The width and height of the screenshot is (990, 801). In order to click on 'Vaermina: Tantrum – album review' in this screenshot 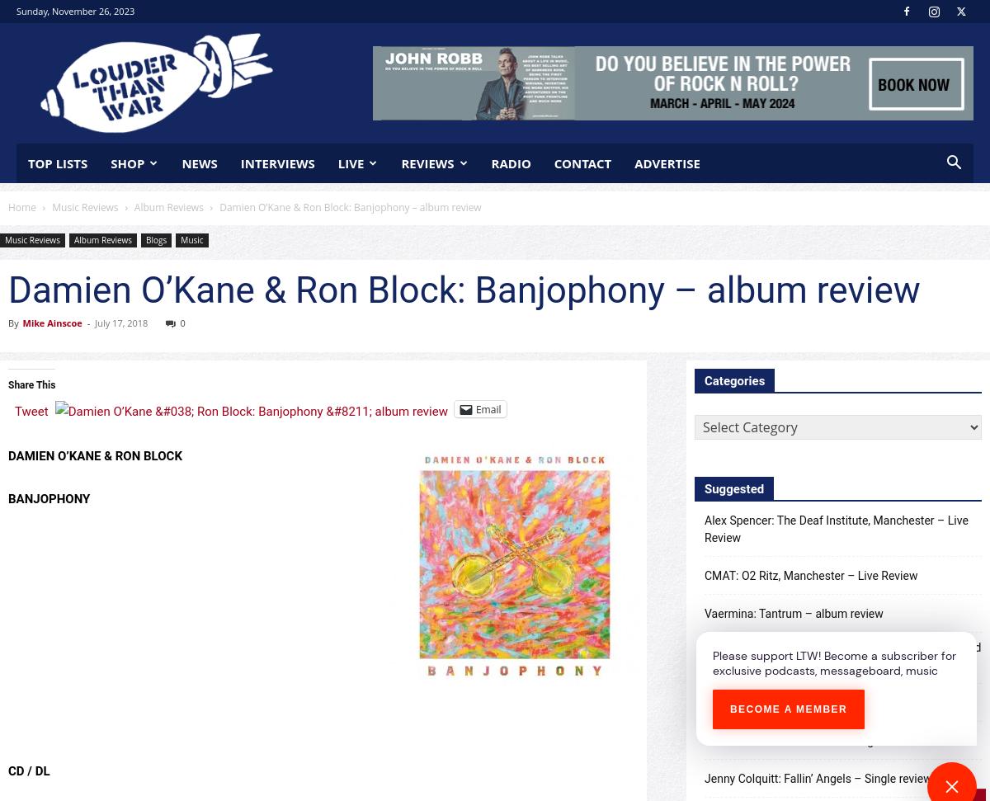, I will do `click(704, 612)`.